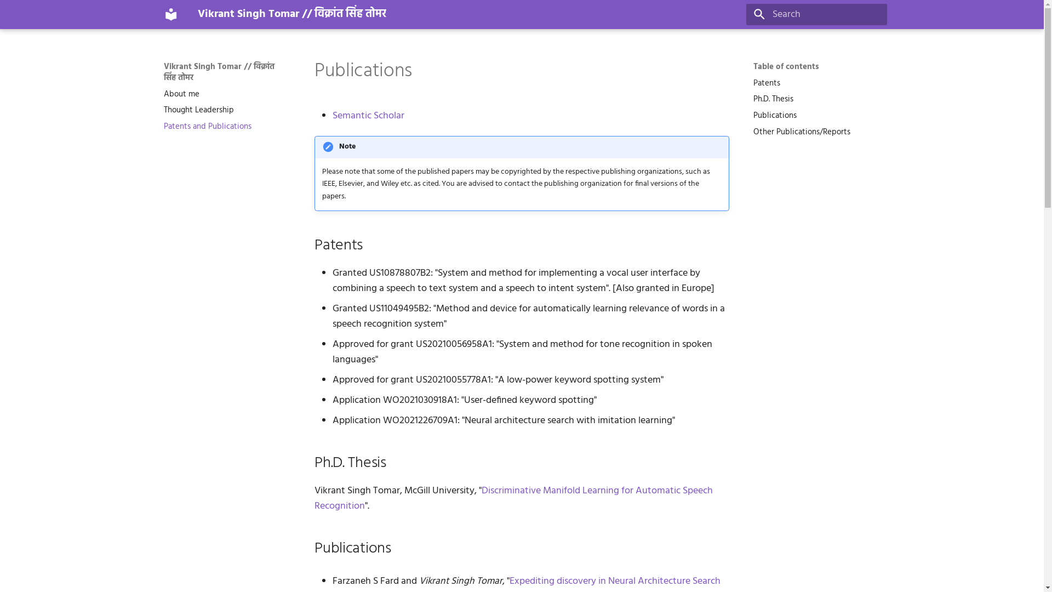  I want to click on 'Thought Leadership', so click(225, 110).